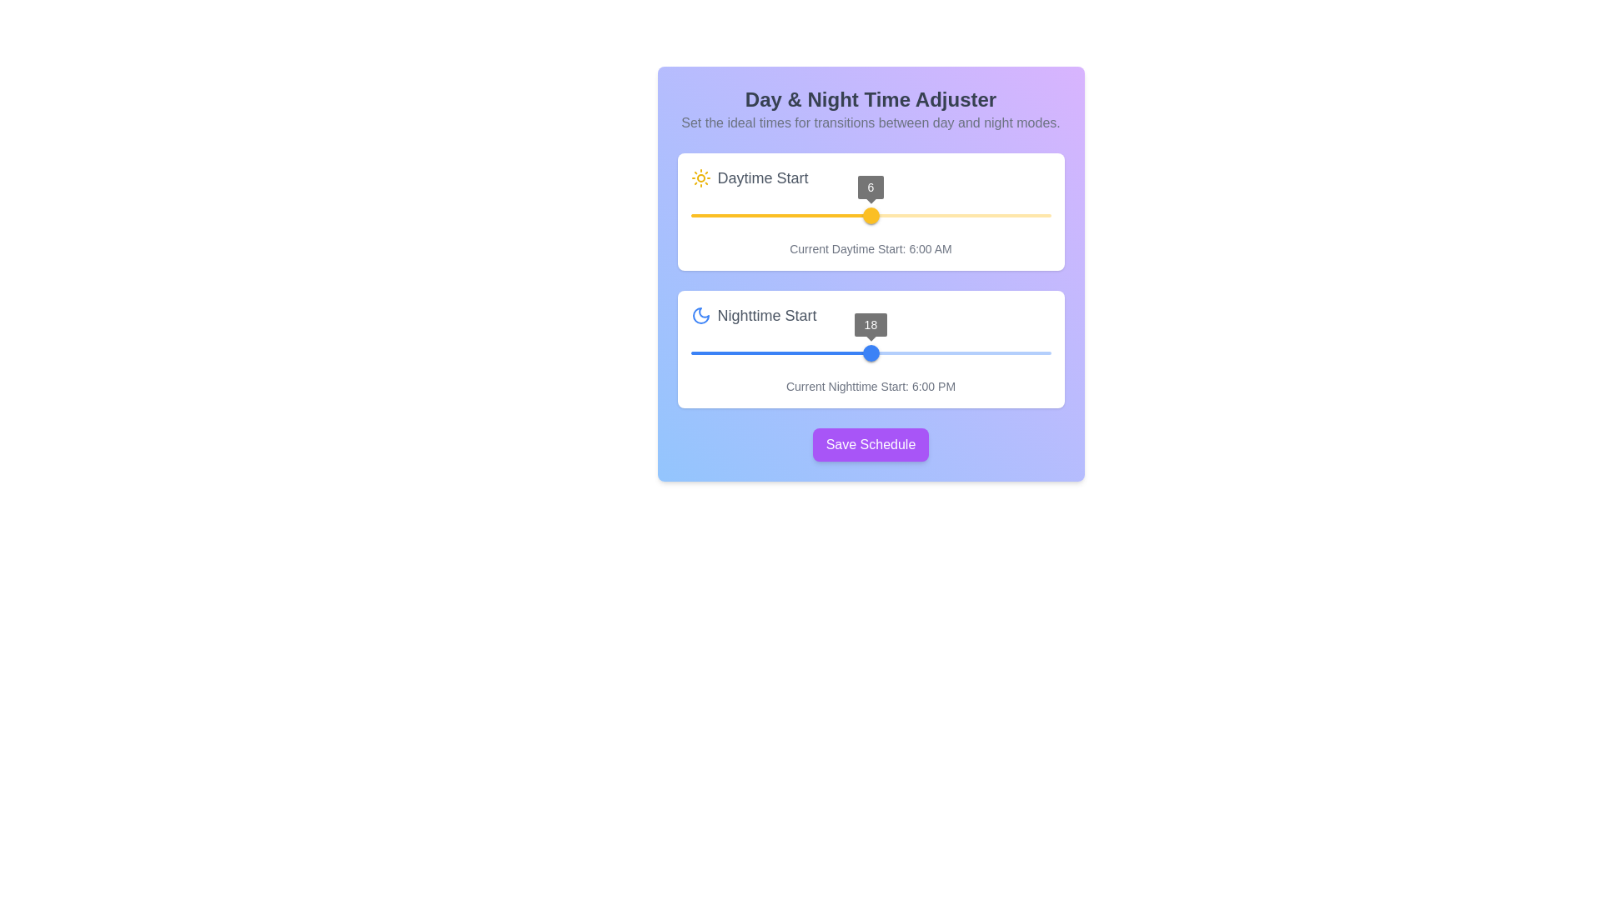  Describe the element at coordinates (870, 109) in the screenshot. I see `header text element located at the top of the interface that provides context for adjusting day and night settings` at that location.